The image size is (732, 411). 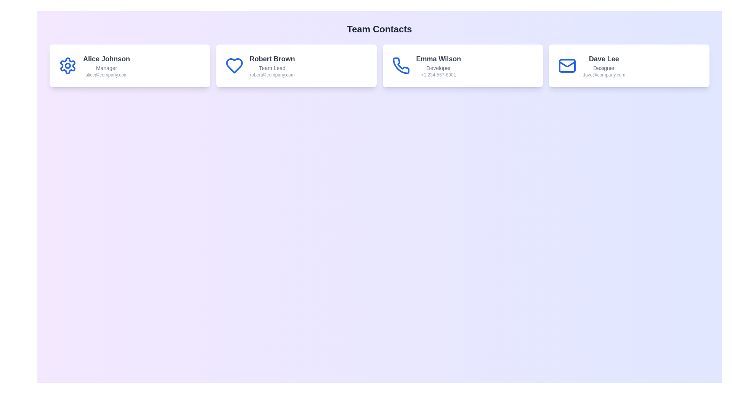 What do you see at coordinates (272, 65) in the screenshot?
I see `the text block displaying personal information for 'Robert Brown', which includes his job title 'Team Lead' and email 'robert@company.com', located inside the second white card from the left in the 'Team Contacts' section` at bounding box center [272, 65].